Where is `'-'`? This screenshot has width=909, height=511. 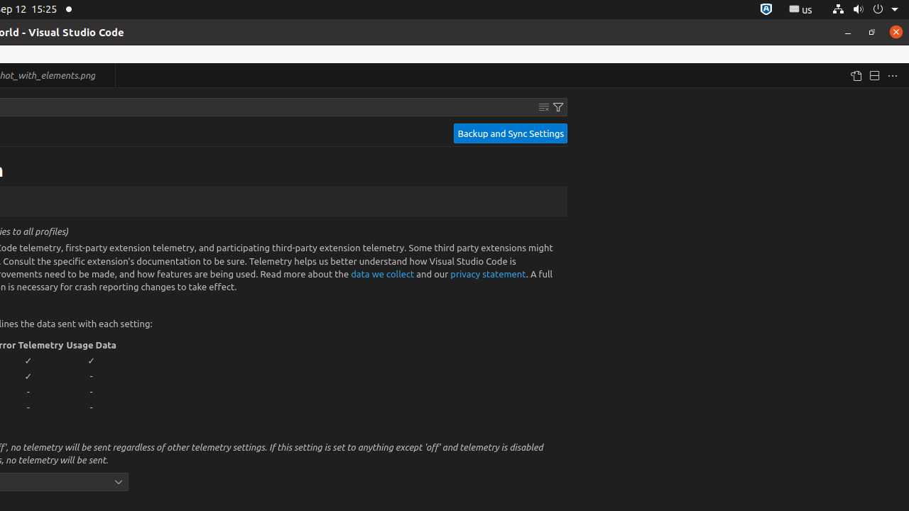 '-' is located at coordinates (91, 375).